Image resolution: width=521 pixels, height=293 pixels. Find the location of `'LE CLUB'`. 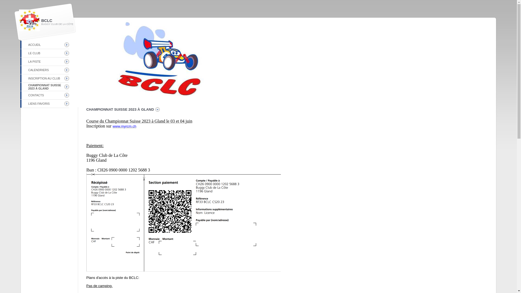

'LE CLUB' is located at coordinates (28, 53).